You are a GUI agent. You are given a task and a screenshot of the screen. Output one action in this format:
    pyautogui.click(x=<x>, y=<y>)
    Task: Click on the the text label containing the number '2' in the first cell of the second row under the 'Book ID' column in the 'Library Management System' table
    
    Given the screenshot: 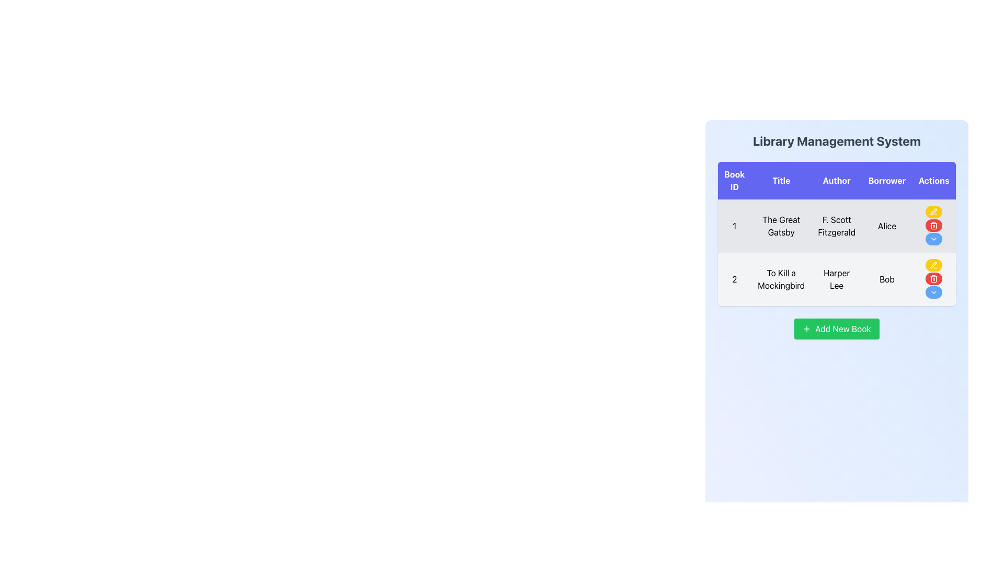 What is the action you would take?
    pyautogui.click(x=734, y=279)
    